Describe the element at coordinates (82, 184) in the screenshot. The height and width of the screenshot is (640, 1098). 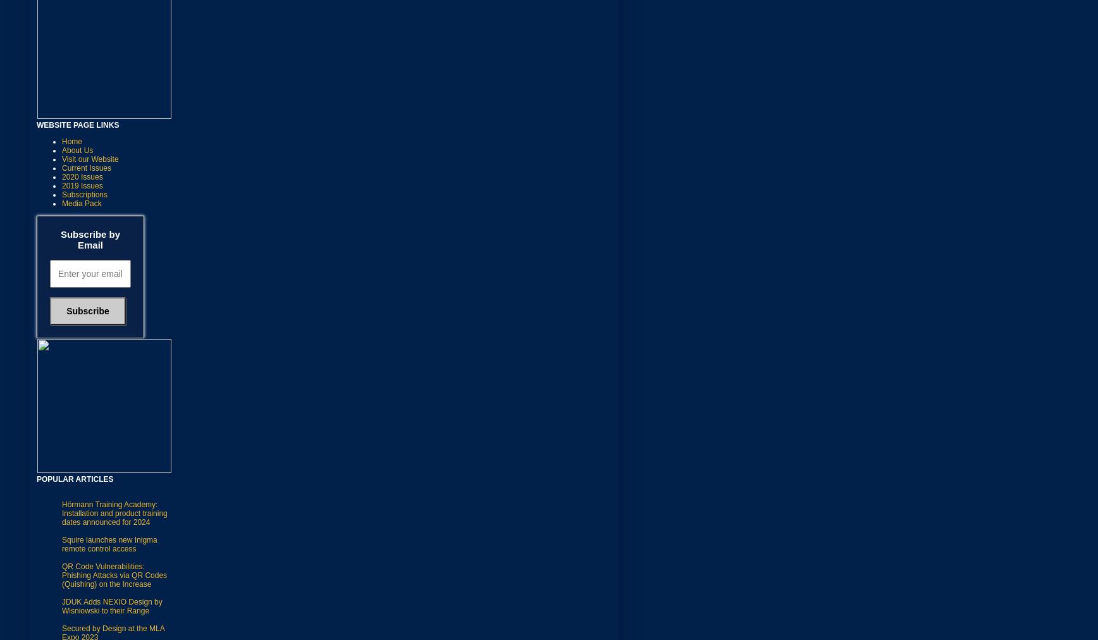
I see `'2019 Issues'` at that location.